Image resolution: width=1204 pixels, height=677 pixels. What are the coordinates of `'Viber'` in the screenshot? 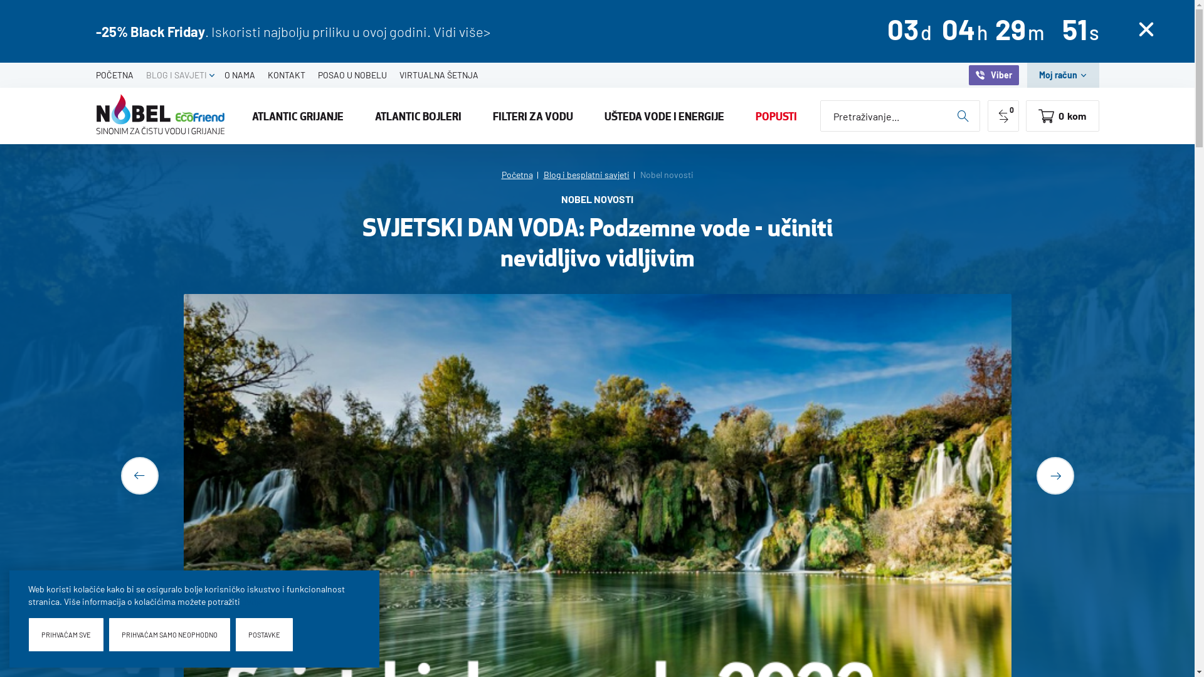 It's located at (993, 75).